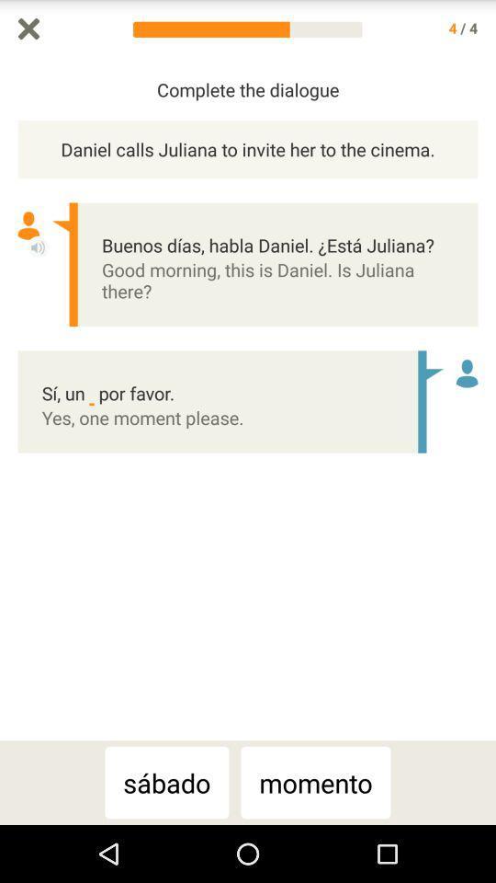 This screenshot has height=883, width=496. Describe the element at coordinates (28, 28) in the screenshot. I see `cancel and go back` at that location.